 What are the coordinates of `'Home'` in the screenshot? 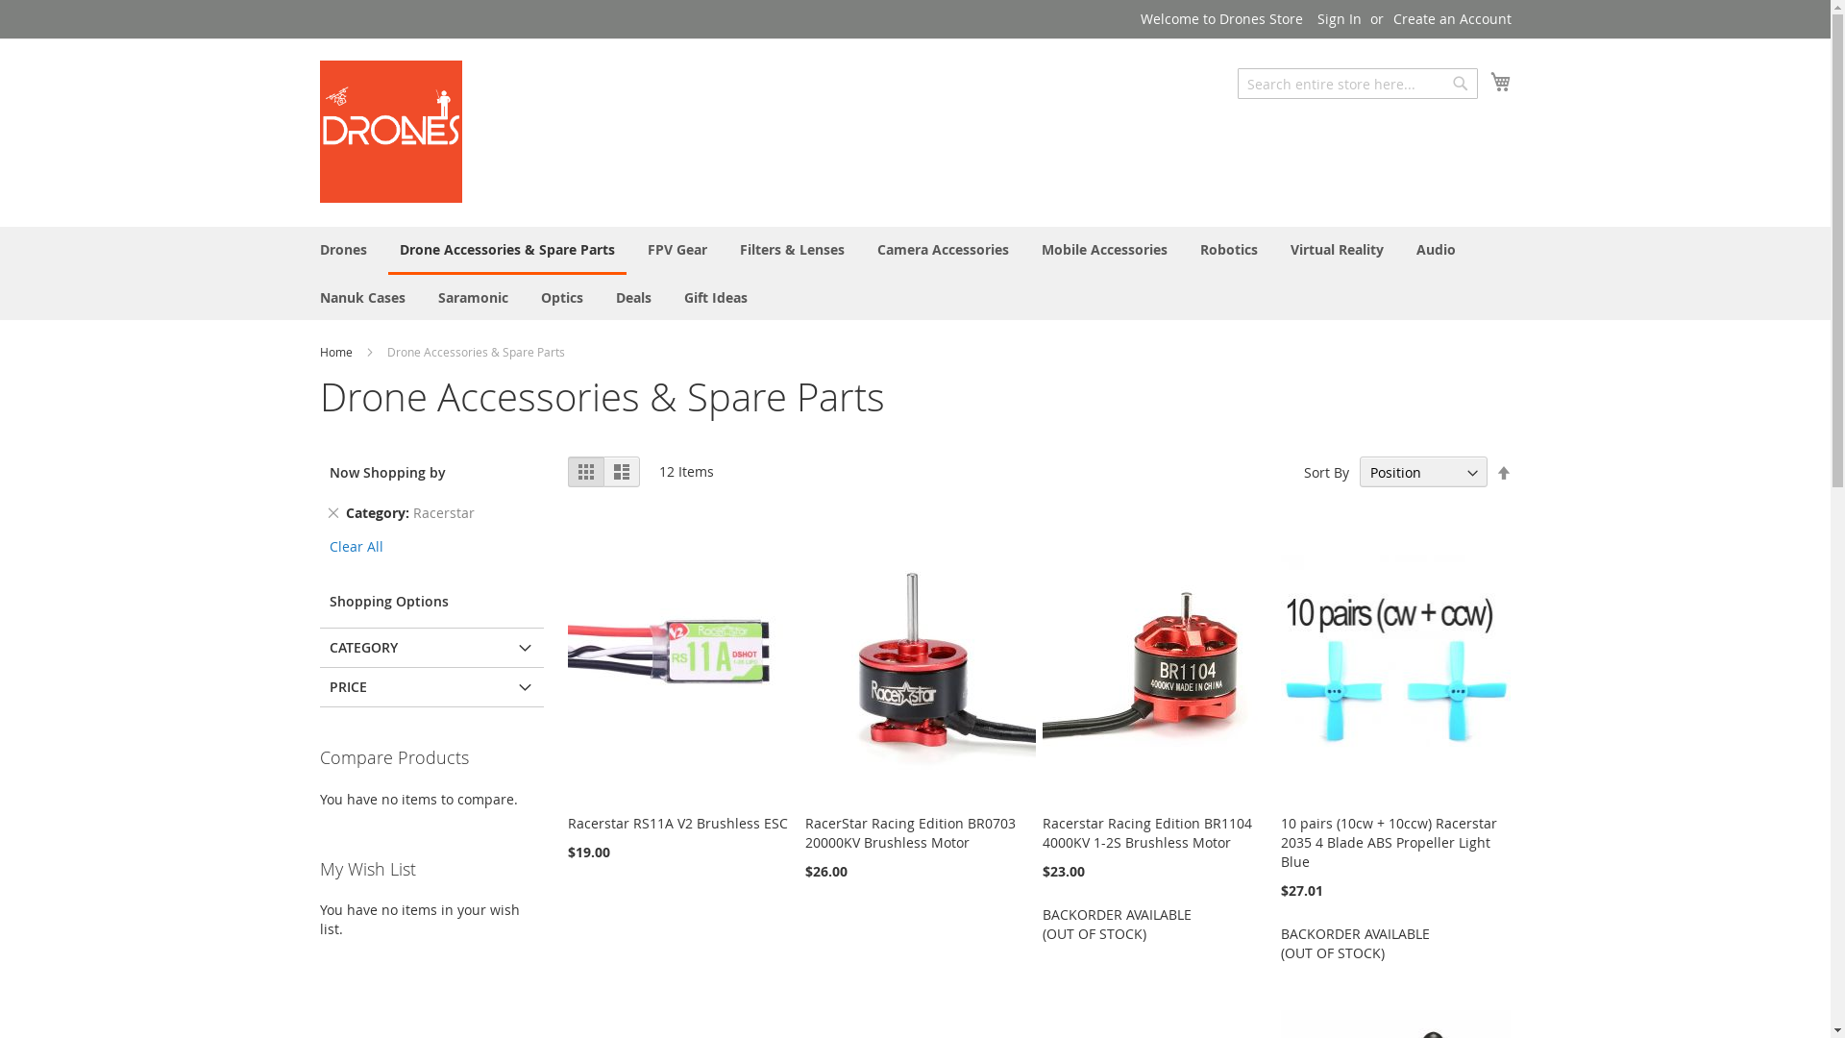 It's located at (336, 352).